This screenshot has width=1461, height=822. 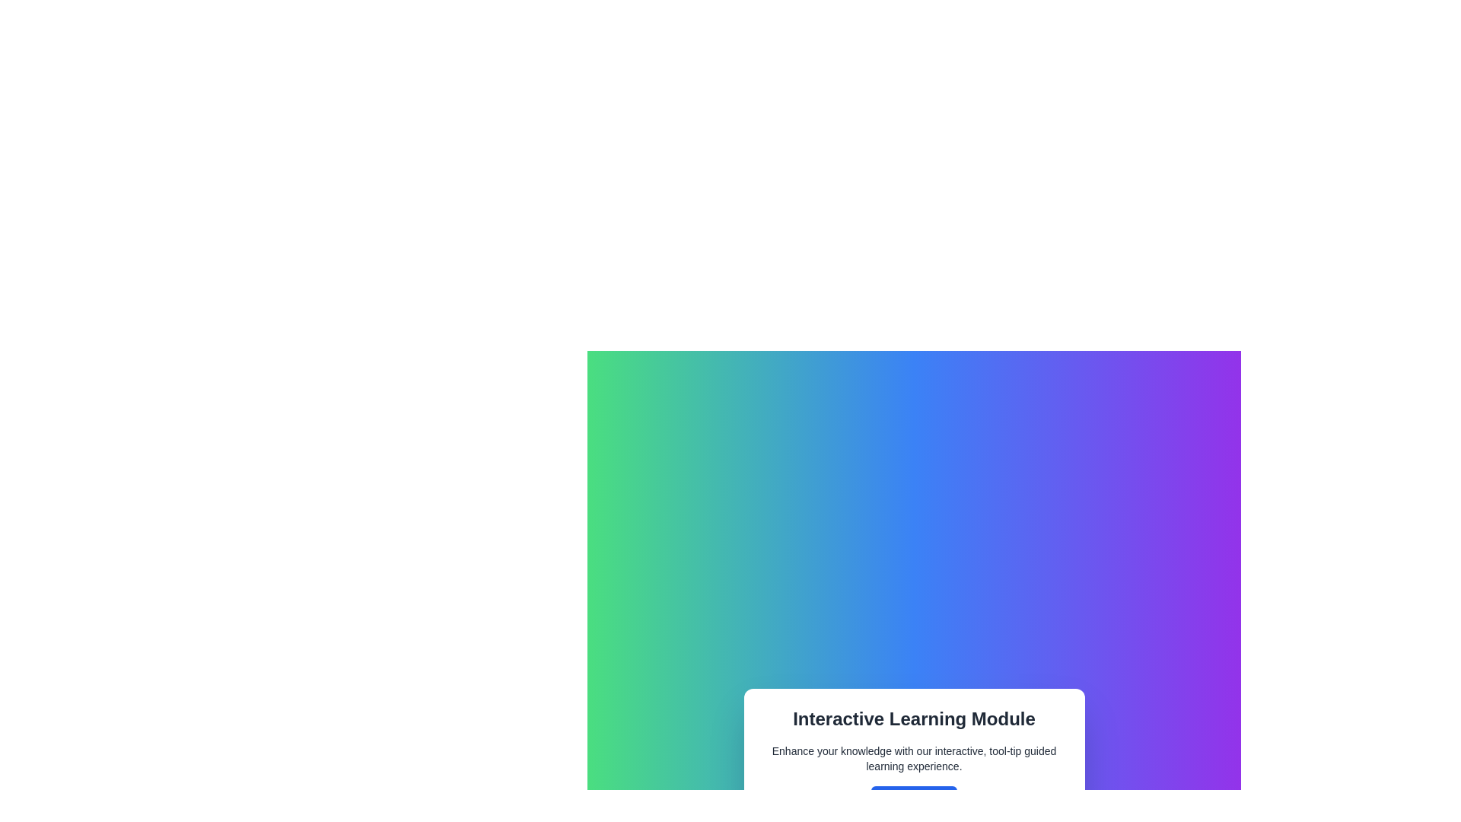 What do you see at coordinates (913, 758) in the screenshot?
I see `the descriptive text element that provides context about the interactive learning module, located immediately below the title and above other interface elements` at bounding box center [913, 758].